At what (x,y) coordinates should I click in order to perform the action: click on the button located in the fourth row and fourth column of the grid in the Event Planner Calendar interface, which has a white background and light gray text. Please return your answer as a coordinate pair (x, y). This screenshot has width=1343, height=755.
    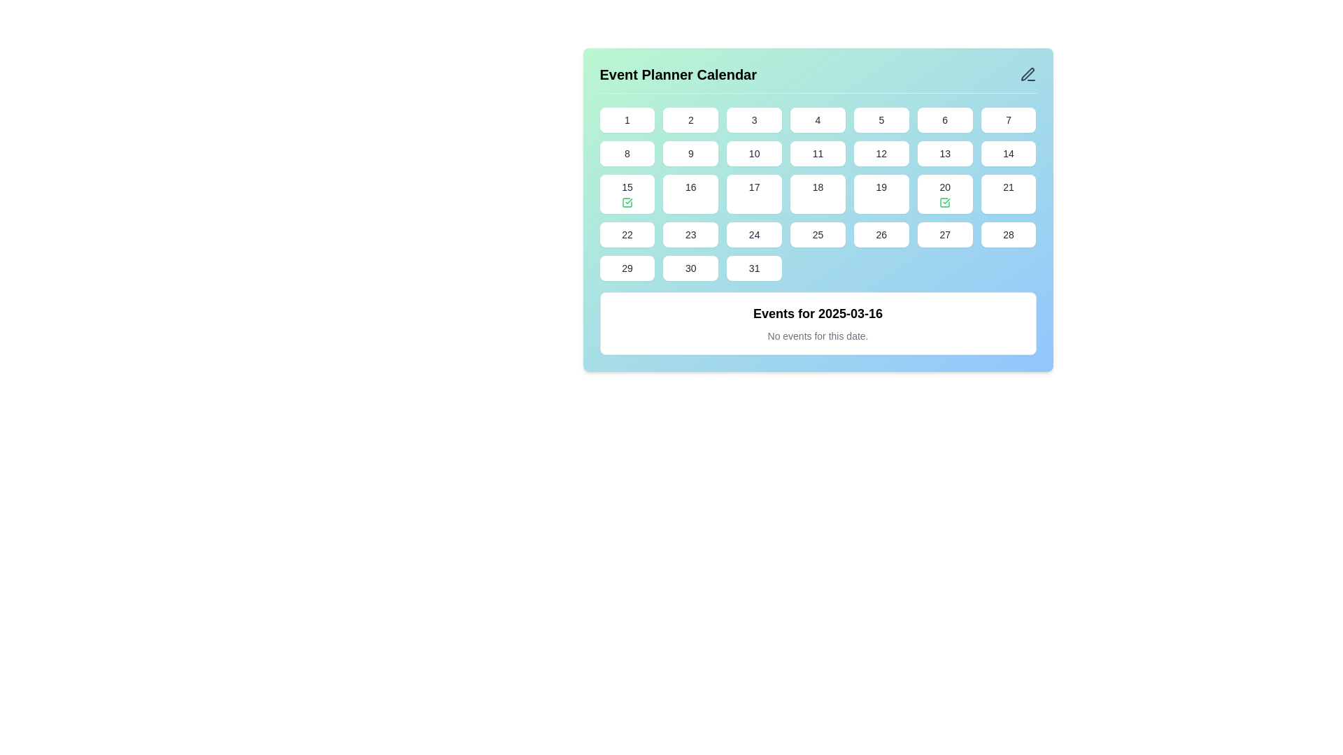
    Looking at the image, I should click on (818, 194).